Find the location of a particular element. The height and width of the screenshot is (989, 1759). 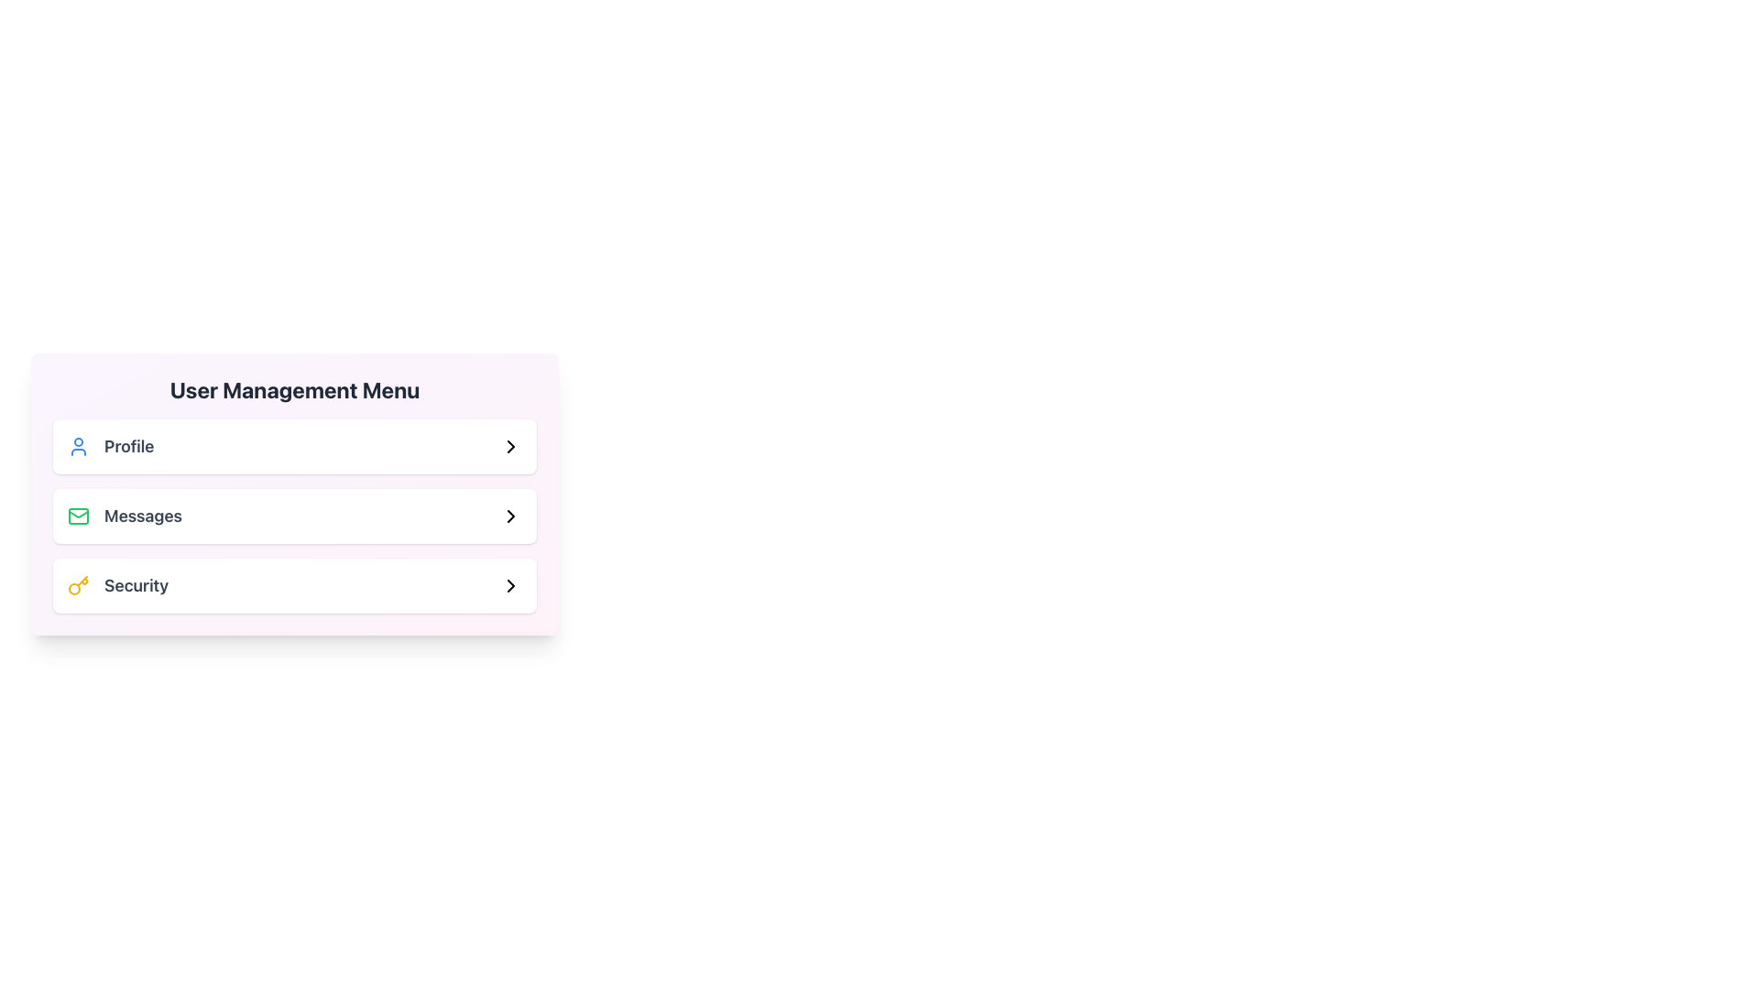

the 'Messages' menu item in the User Management Menu is located at coordinates (124, 516).